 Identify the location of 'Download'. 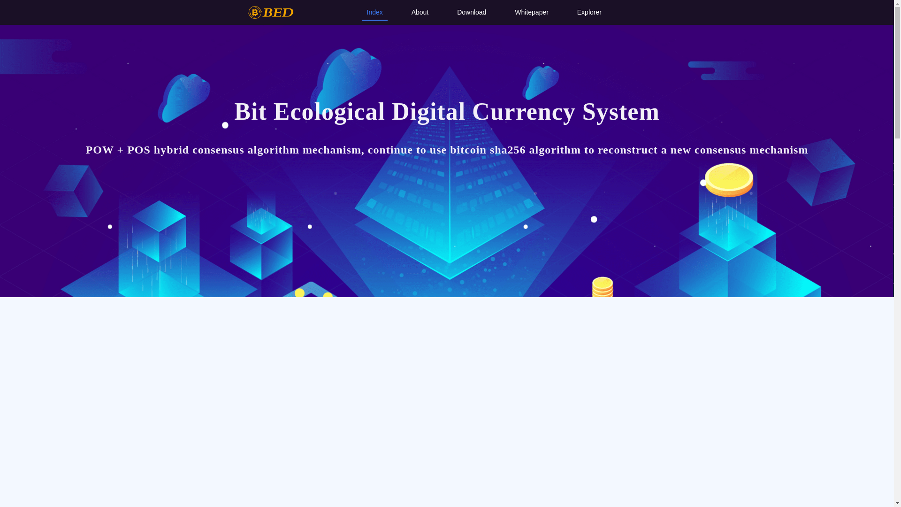
(452, 12).